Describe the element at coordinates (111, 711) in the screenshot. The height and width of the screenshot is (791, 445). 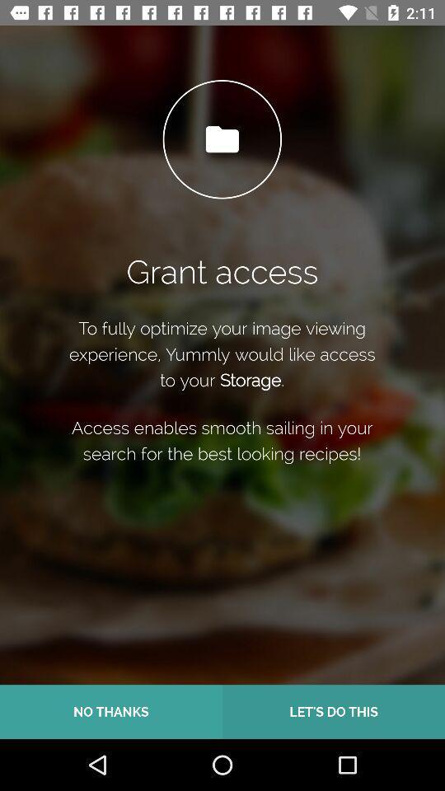
I see `item to the left of let s do icon` at that location.